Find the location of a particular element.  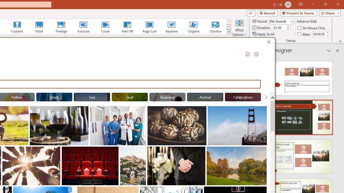

'Crush' is located at coordinates (105, 27).